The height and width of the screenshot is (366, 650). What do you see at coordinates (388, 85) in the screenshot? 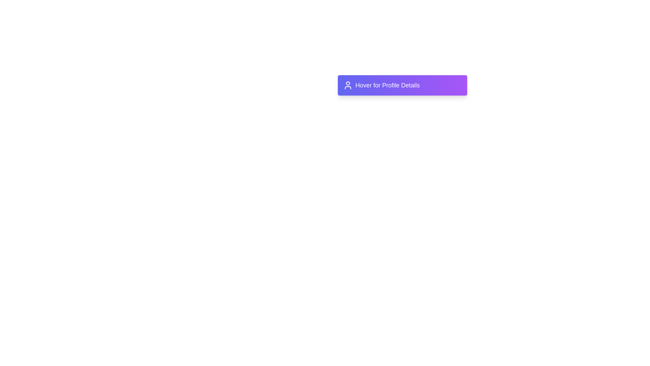
I see `the Text label located towards the center-right side of the horizontal bar, which provides instructions` at bounding box center [388, 85].